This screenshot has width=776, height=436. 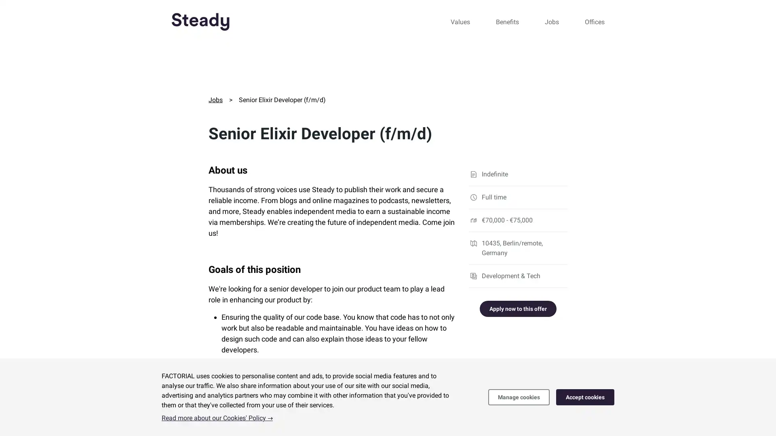 What do you see at coordinates (519, 396) in the screenshot?
I see `Manage cookies` at bounding box center [519, 396].